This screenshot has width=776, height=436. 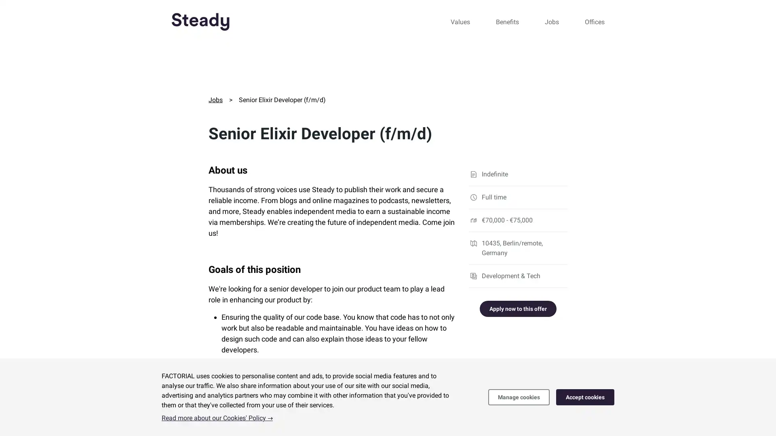 What do you see at coordinates (519, 396) in the screenshot?
I see `Manage cookies` at bounding box center [519, 396].